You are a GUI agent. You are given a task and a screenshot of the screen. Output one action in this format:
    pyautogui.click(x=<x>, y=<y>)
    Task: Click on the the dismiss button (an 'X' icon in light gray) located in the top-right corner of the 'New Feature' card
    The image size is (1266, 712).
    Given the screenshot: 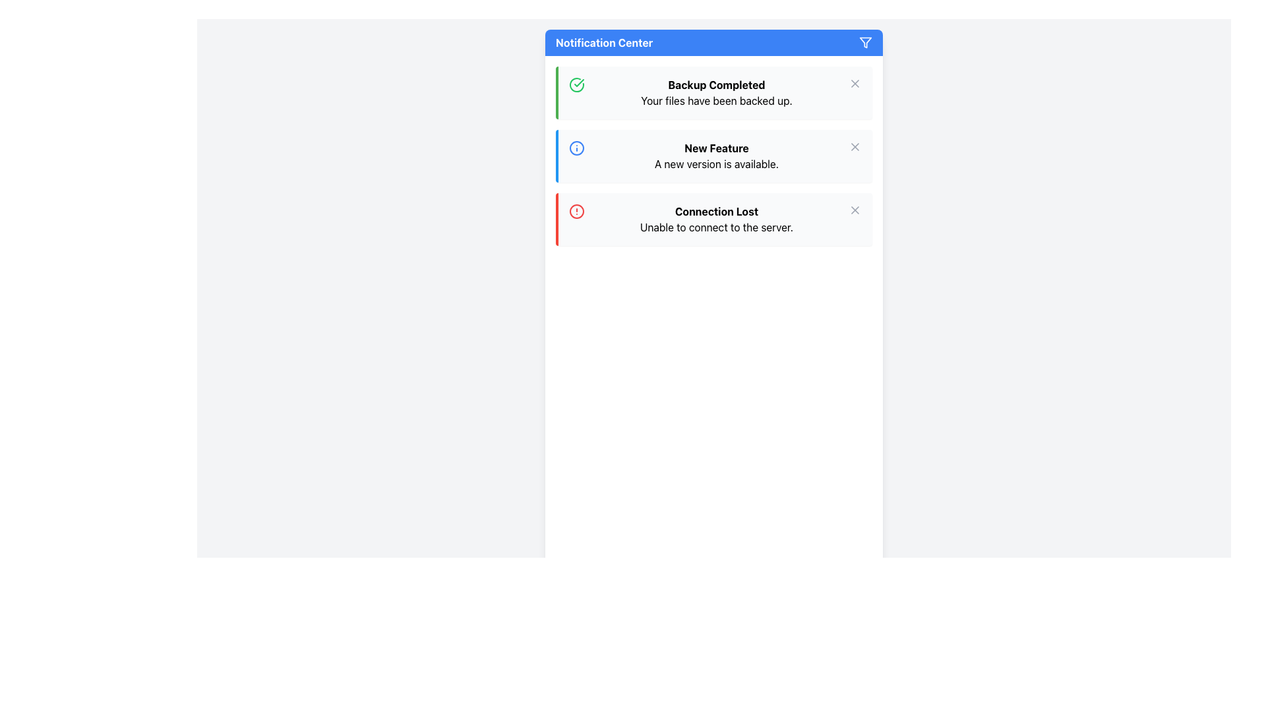 What is the action you would take?
    pyautogui.click(x=855, y=147)
    